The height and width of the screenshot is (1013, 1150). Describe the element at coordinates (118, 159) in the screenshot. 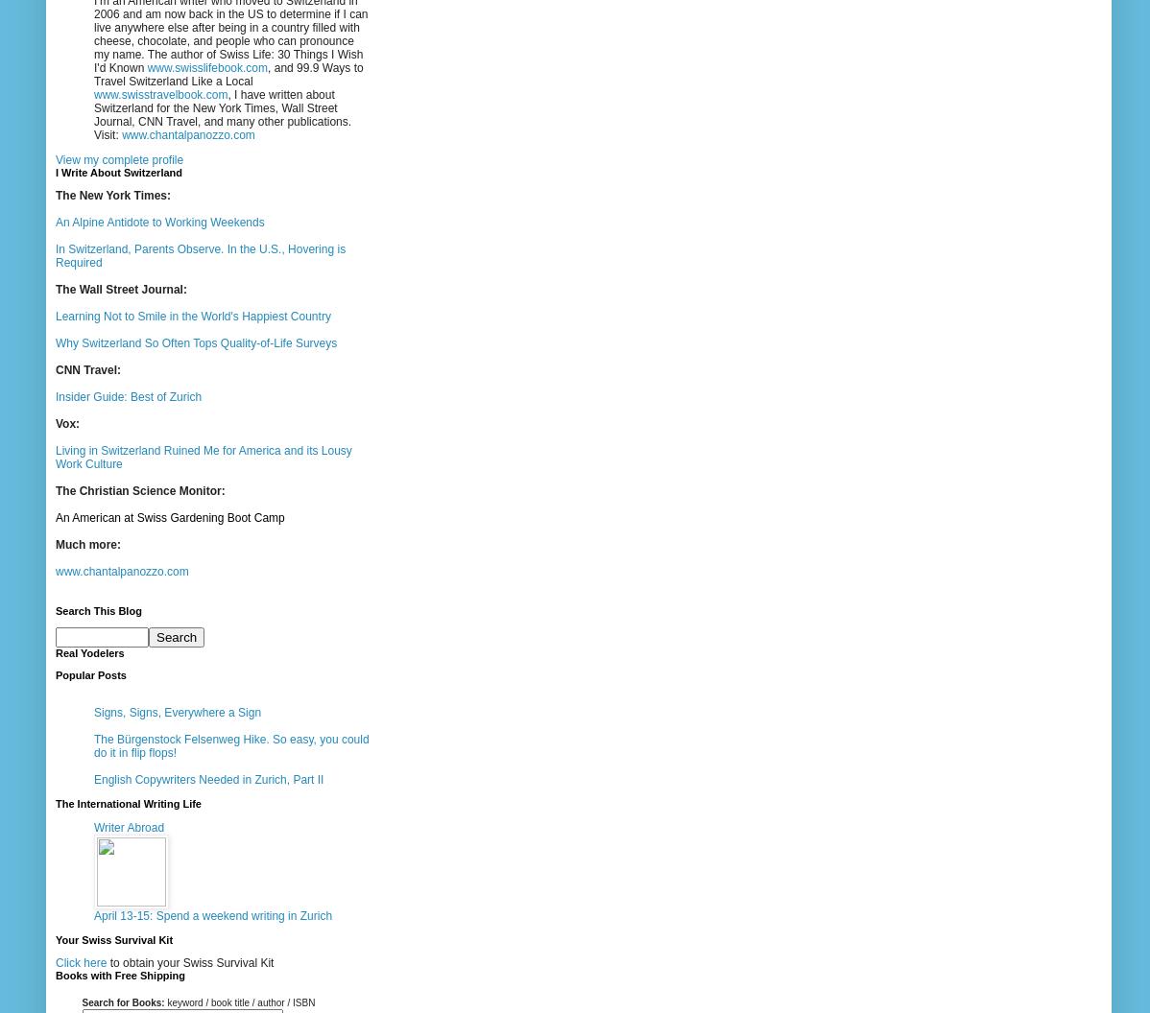

I see `'View my complete profile'` at that location.